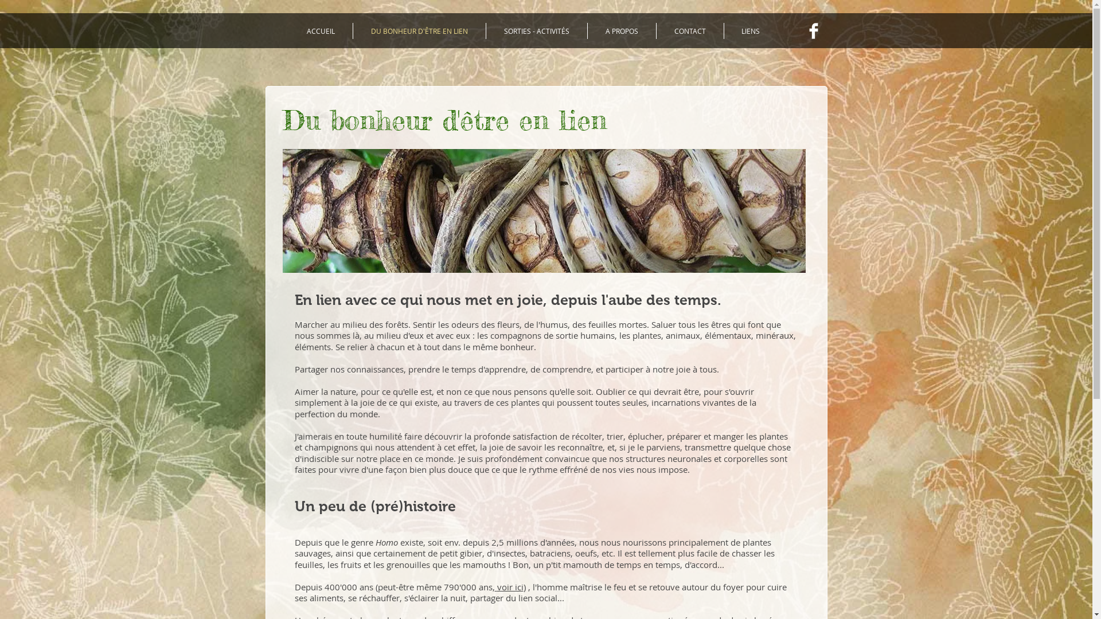  I want to click on 'ACCUEIL', so click(321, 30).